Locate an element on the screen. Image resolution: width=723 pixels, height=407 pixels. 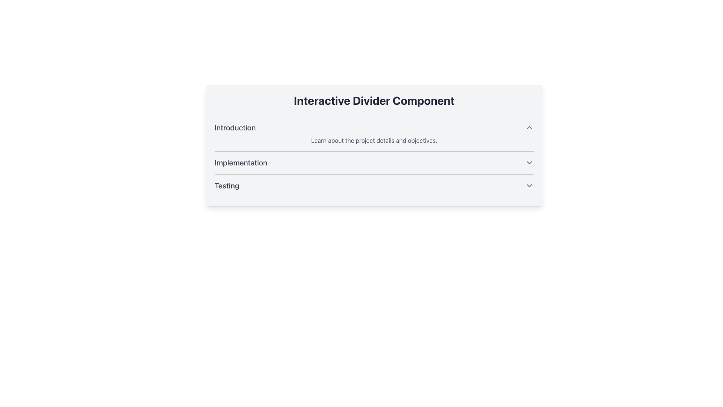
the downward-pointing chevron icon in the 'Testing' panel to observe any visual effects is located at coordinates (529, 186).